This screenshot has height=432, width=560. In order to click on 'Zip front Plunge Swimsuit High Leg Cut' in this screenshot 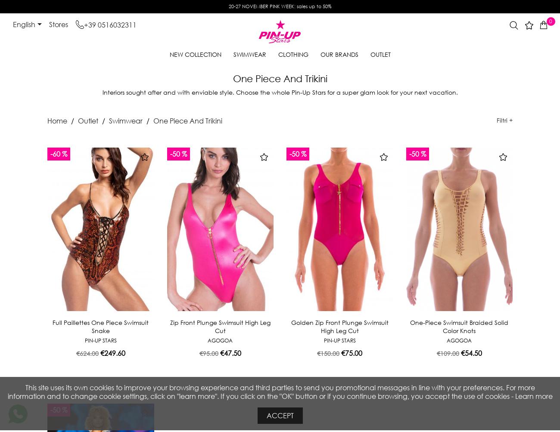, I will do `click(170, 326)`.